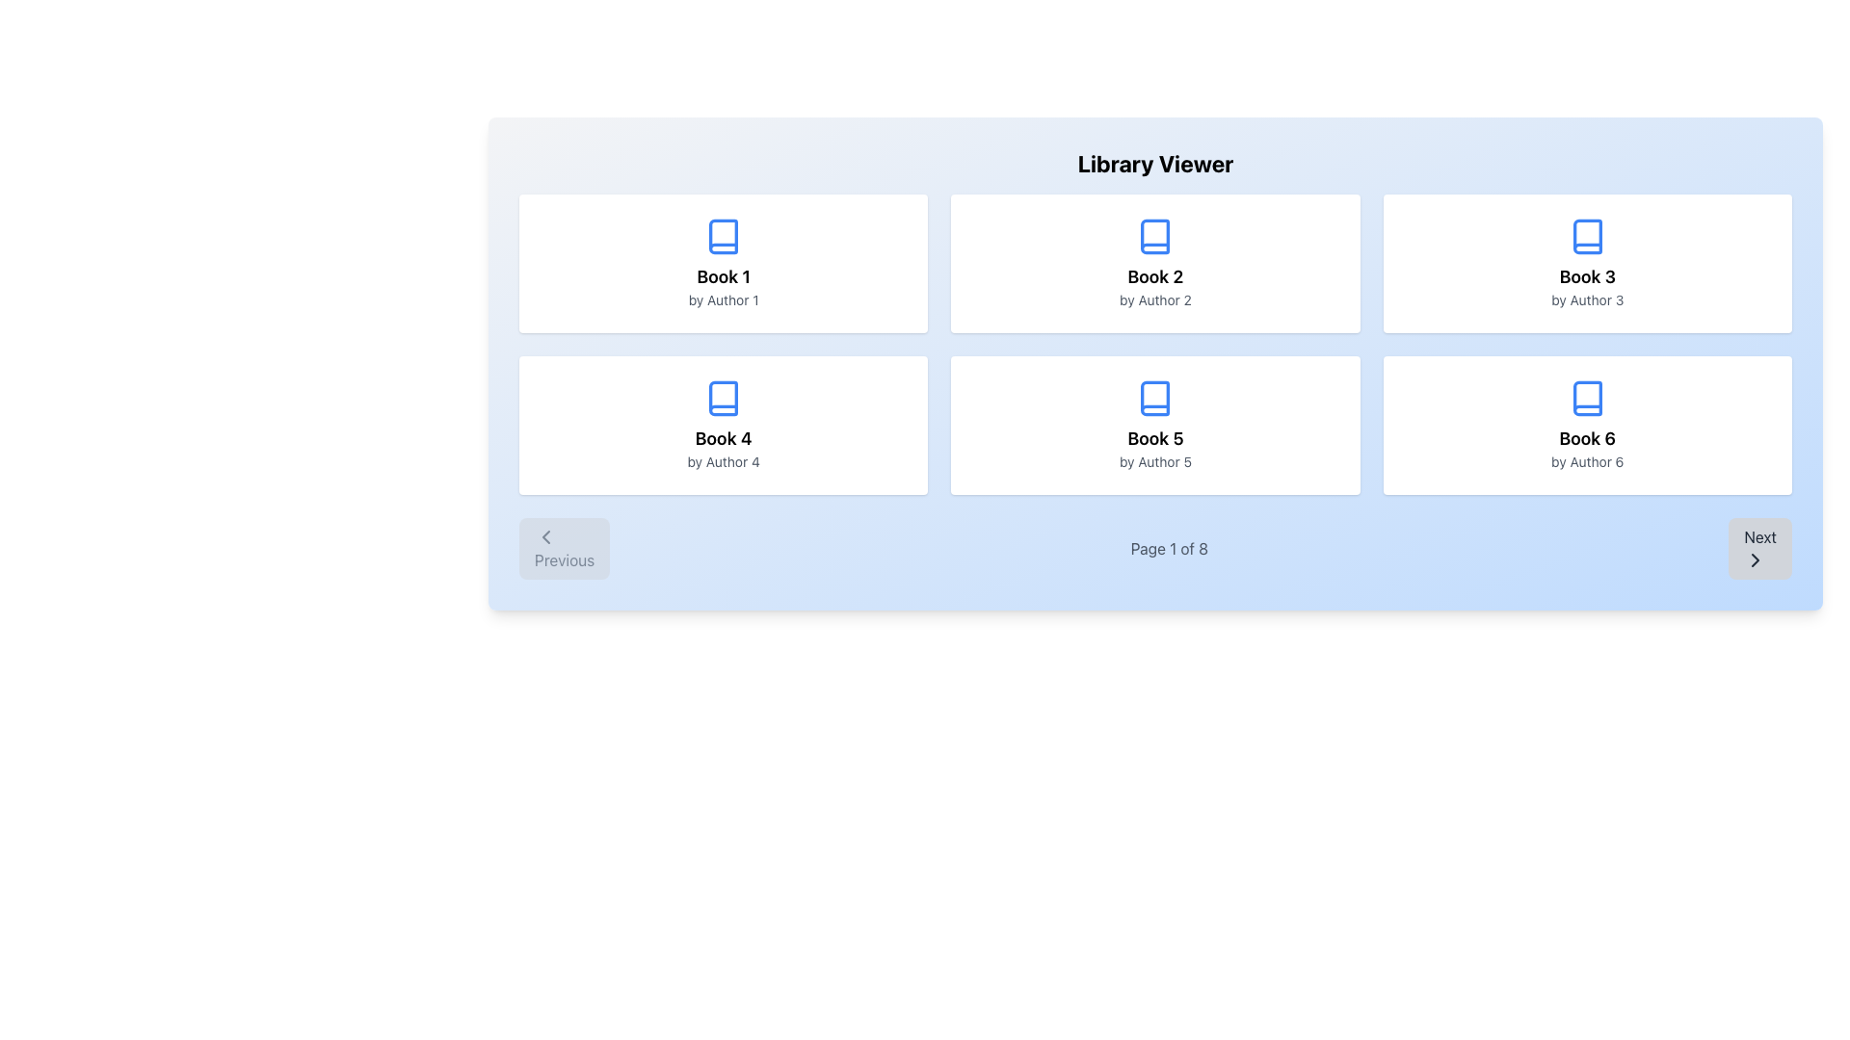 The width and height of the screenshot is (1850, 1040). Describe the element at coordinates (1587, 277) in the screenshot. I see `the text label displaying the name of the book 'Book 3', which is located at the top center of the card in the top-right of the grid layout` at that location.